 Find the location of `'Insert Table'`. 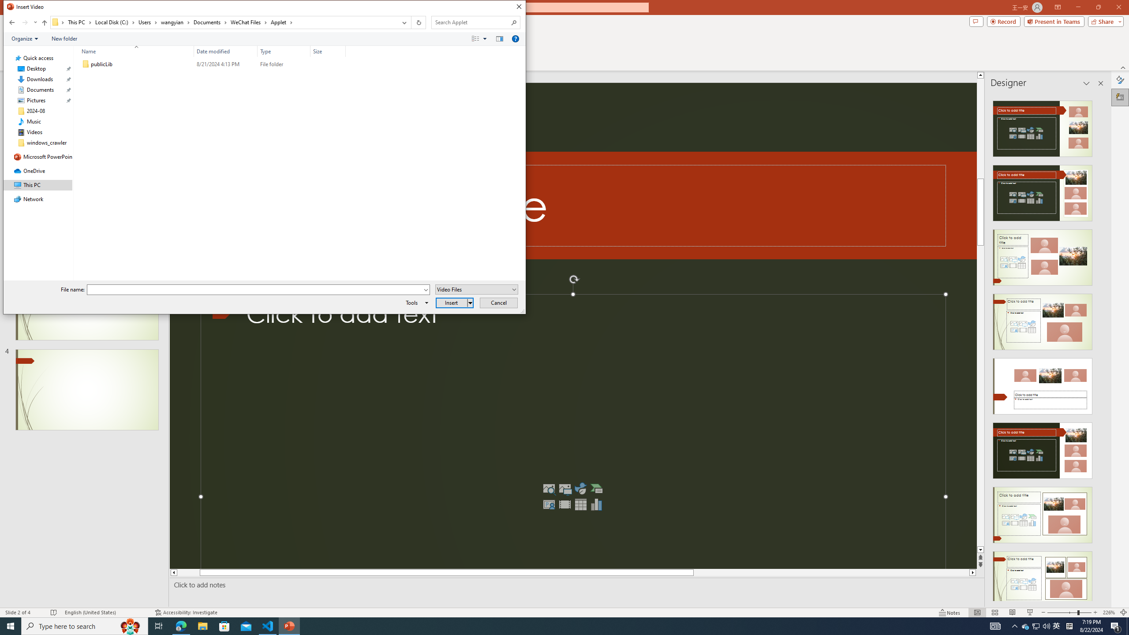

'Insert Table' is located at coordinates (580, 504).